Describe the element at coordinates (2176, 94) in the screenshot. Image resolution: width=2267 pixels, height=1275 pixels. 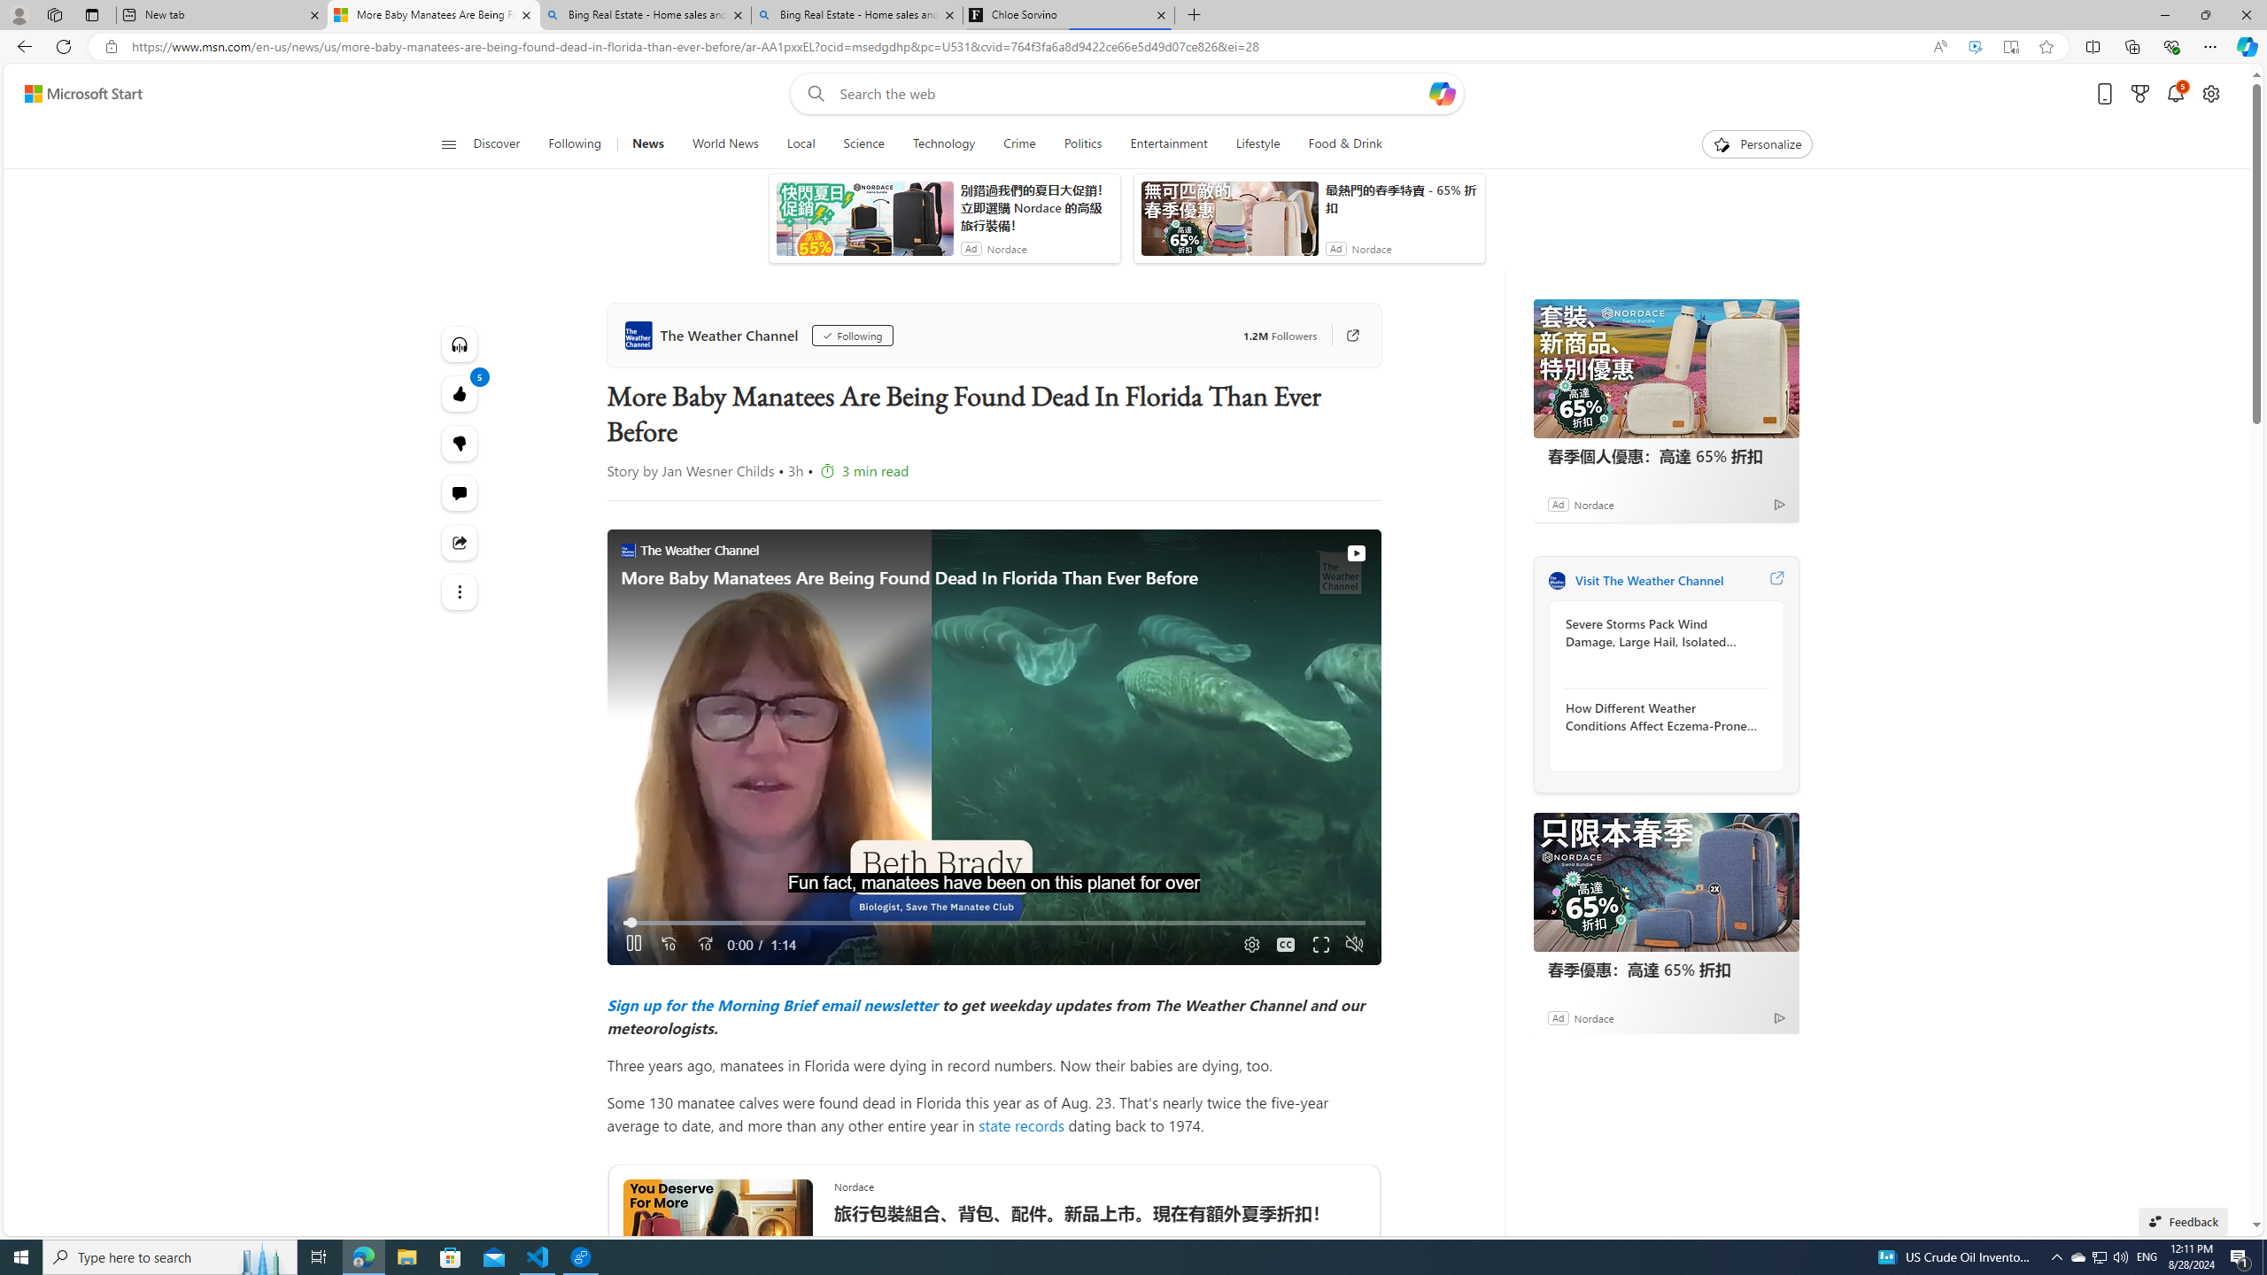
I see `'Notifications'` at that location.